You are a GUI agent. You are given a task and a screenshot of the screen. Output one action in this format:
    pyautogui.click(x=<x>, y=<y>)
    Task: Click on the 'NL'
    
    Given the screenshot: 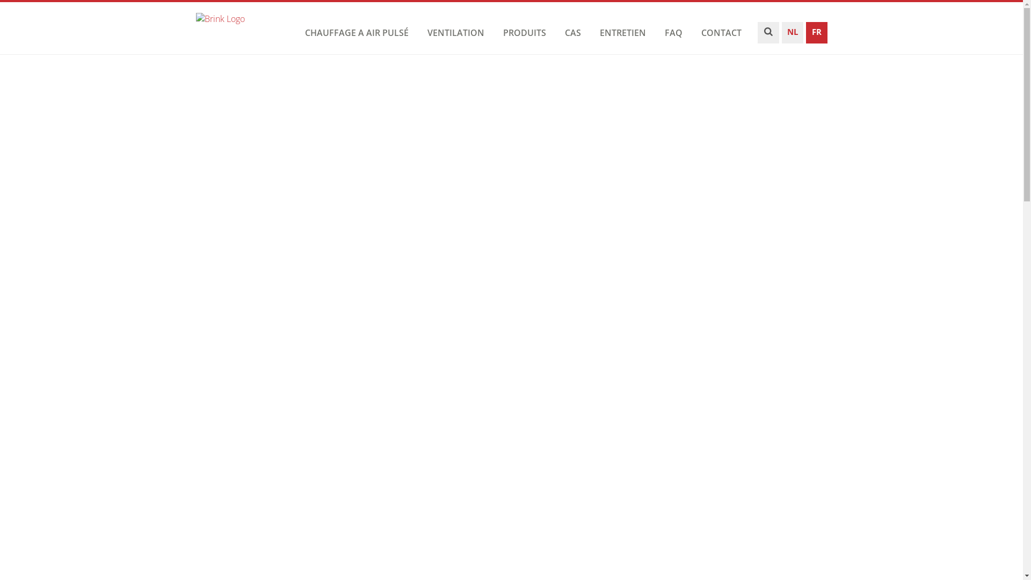 What is the action you would take?
    pyautogui.click(x=781, y=34)
    